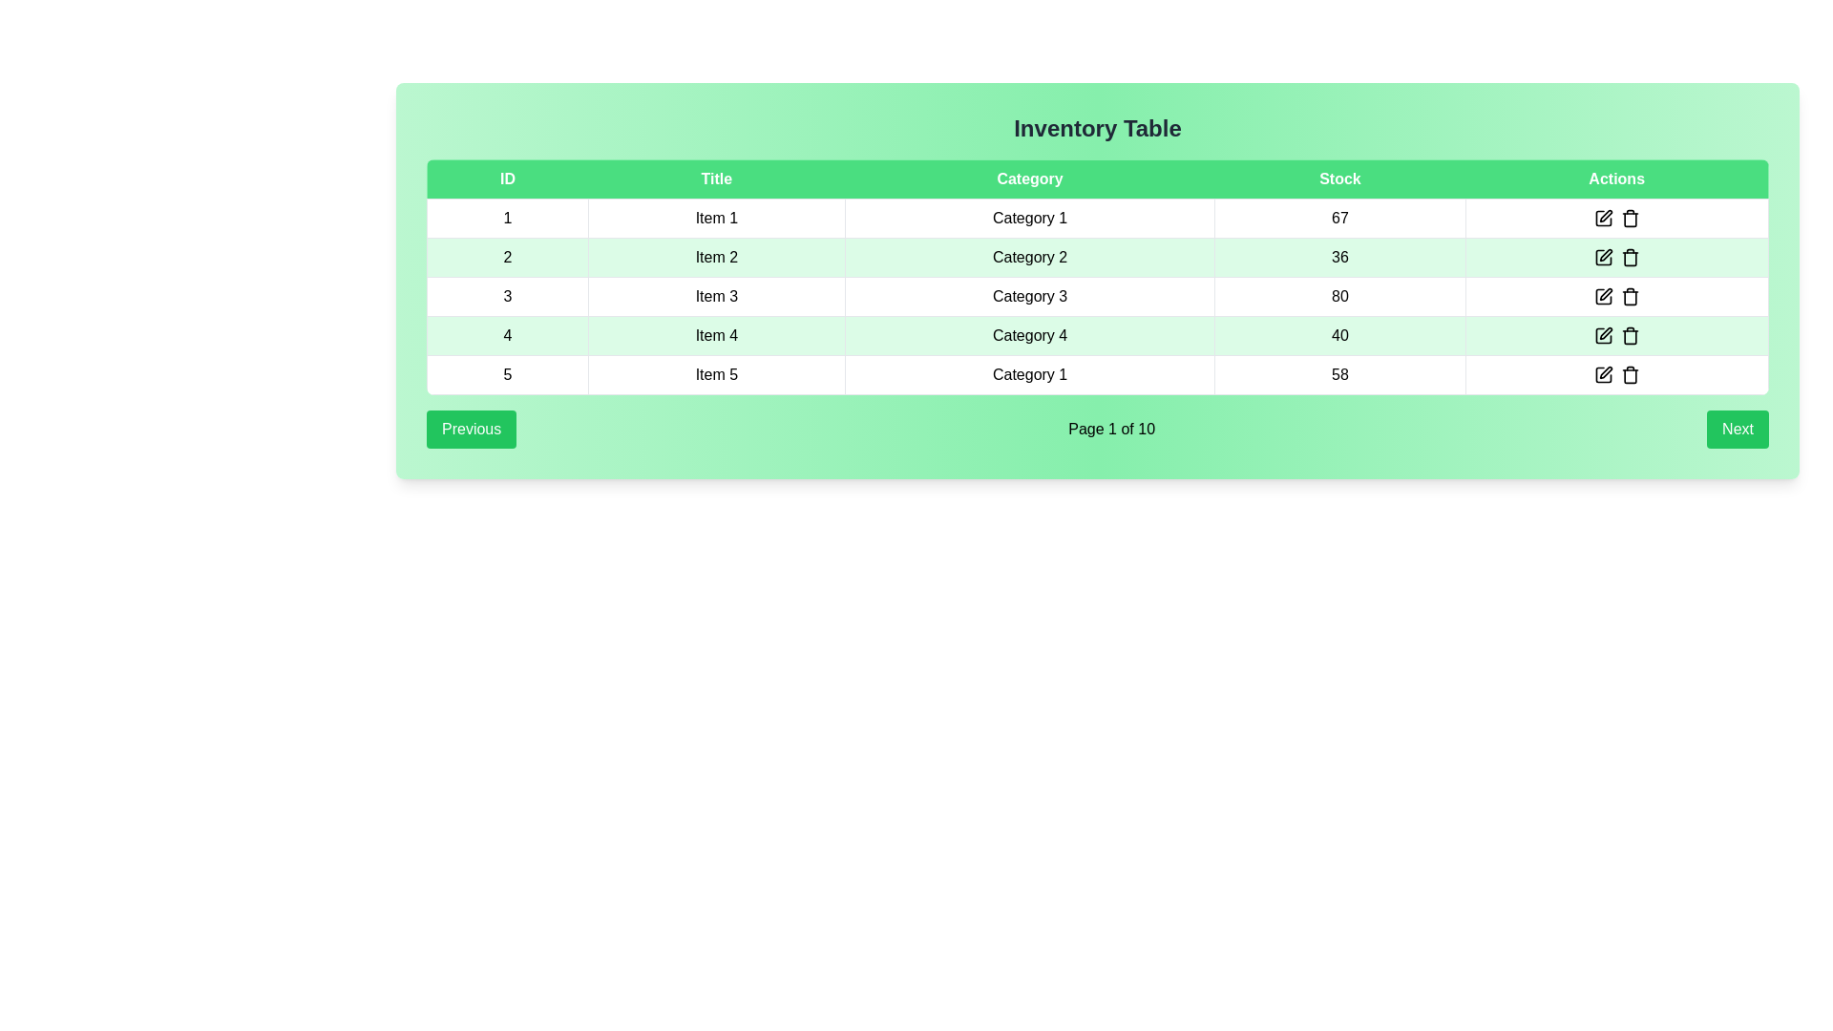  What do you see at coordinates (1029, 217) in the screenshot?
I see `the text cell displaying 'Category 1' in the first row of the table, which is located in the third column` at bounding box center [1029, 217].